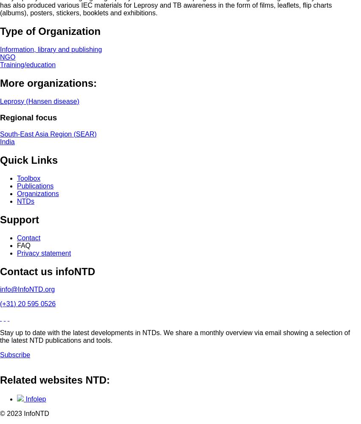 The width and height of the screenshot is (361, 424). I want to click on 'info@InfoNTD.org', so click(27, 289).